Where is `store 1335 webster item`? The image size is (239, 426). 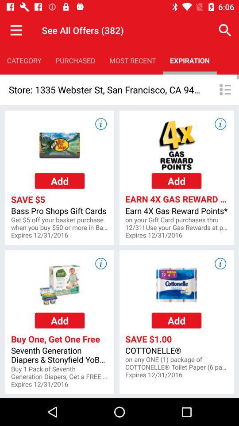
store 1335 webster item is located at coordinates (105, 90).